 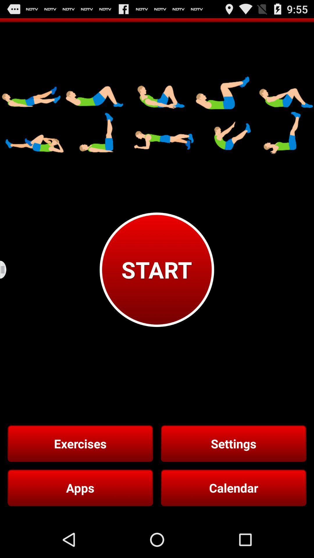 What do you see at coordinates (233, 443) in the screenshot?
I see `the settings item` at bounding box center [233, 443].